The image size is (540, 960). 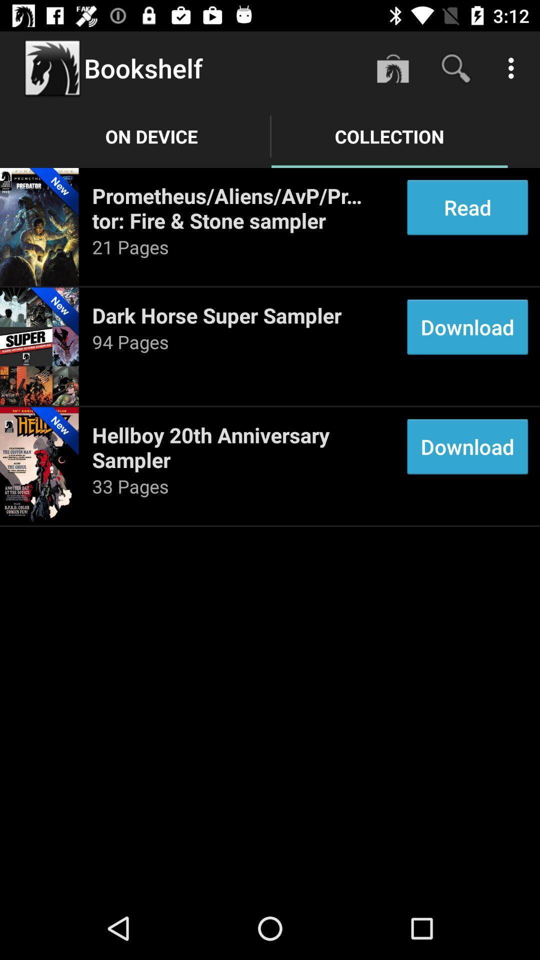 What do you see at coordinates (467, 207) in the screenshot?
I see `the item next to prometheus aliens avp` at bounding box center [467, 207].